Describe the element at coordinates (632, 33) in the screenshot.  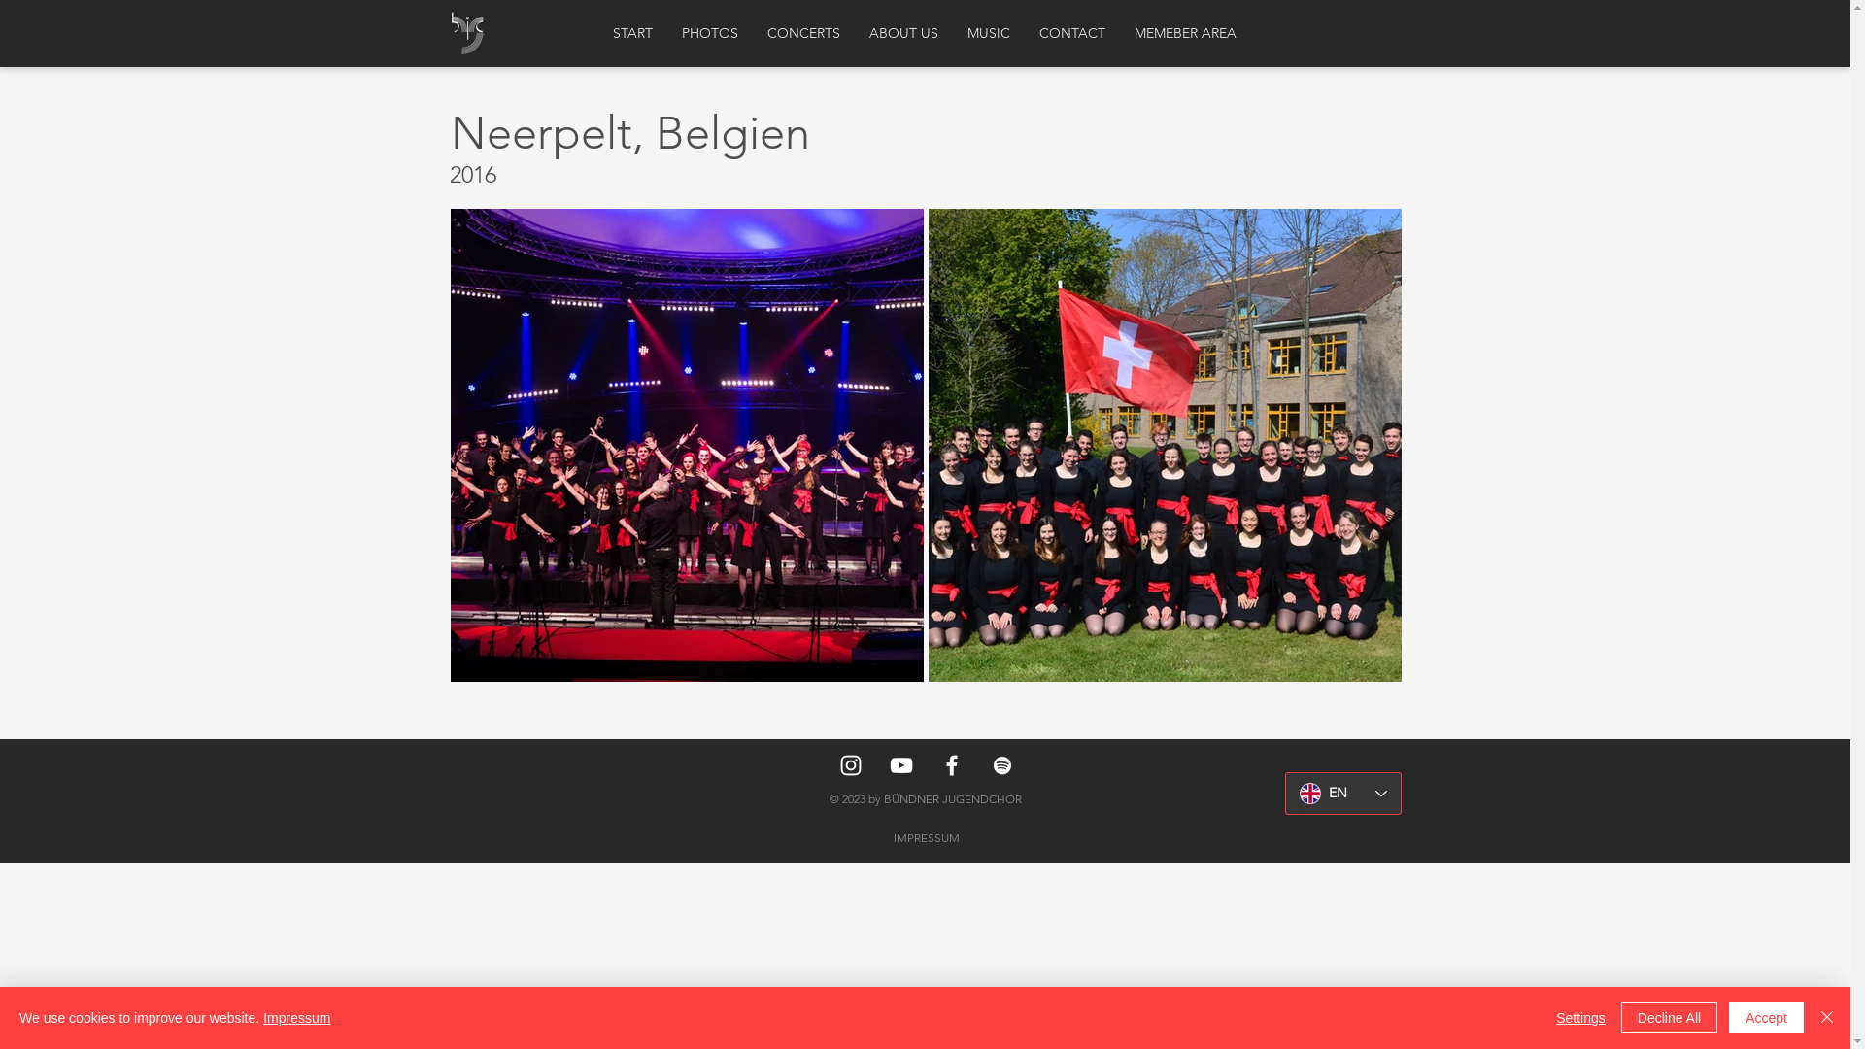
I see `'START'` at that location.